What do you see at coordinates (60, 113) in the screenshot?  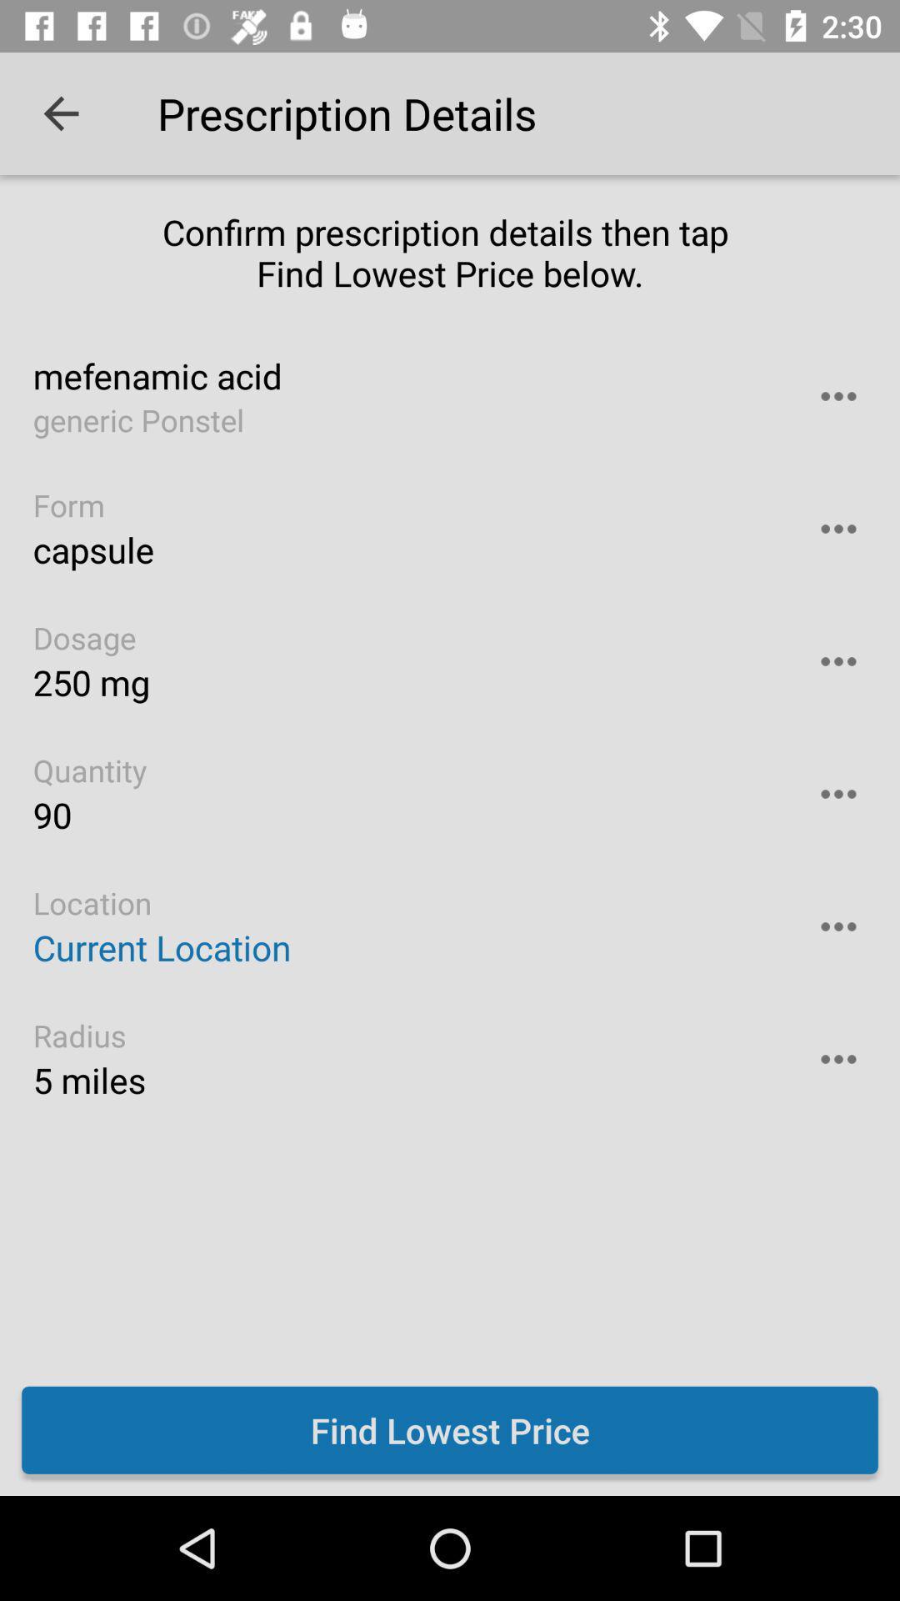 I see `the icon next to prescription details item` at bounding box center [60, 113].